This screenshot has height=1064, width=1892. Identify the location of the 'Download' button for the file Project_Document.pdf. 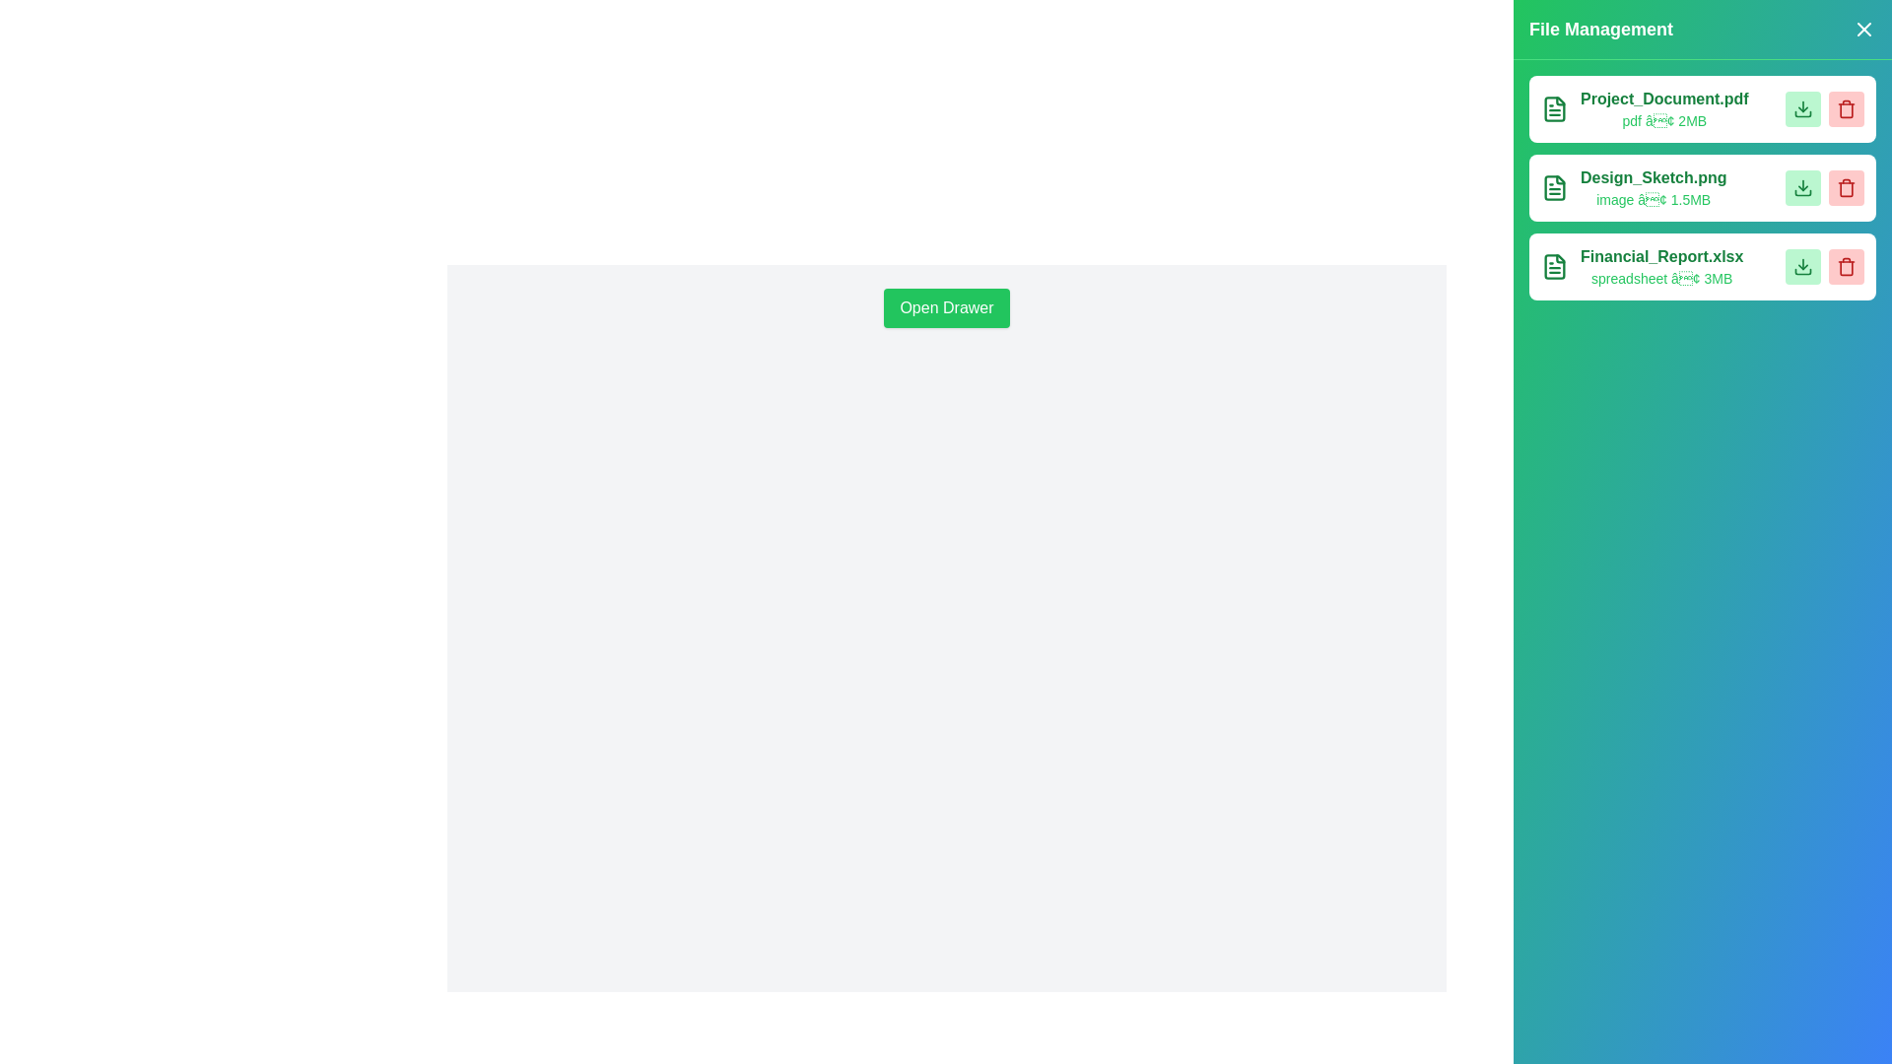
(1802, 109).